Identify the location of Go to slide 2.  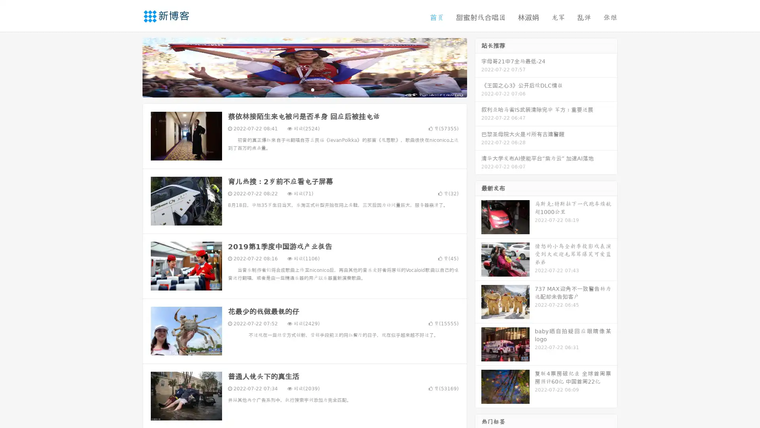
(304, 89).